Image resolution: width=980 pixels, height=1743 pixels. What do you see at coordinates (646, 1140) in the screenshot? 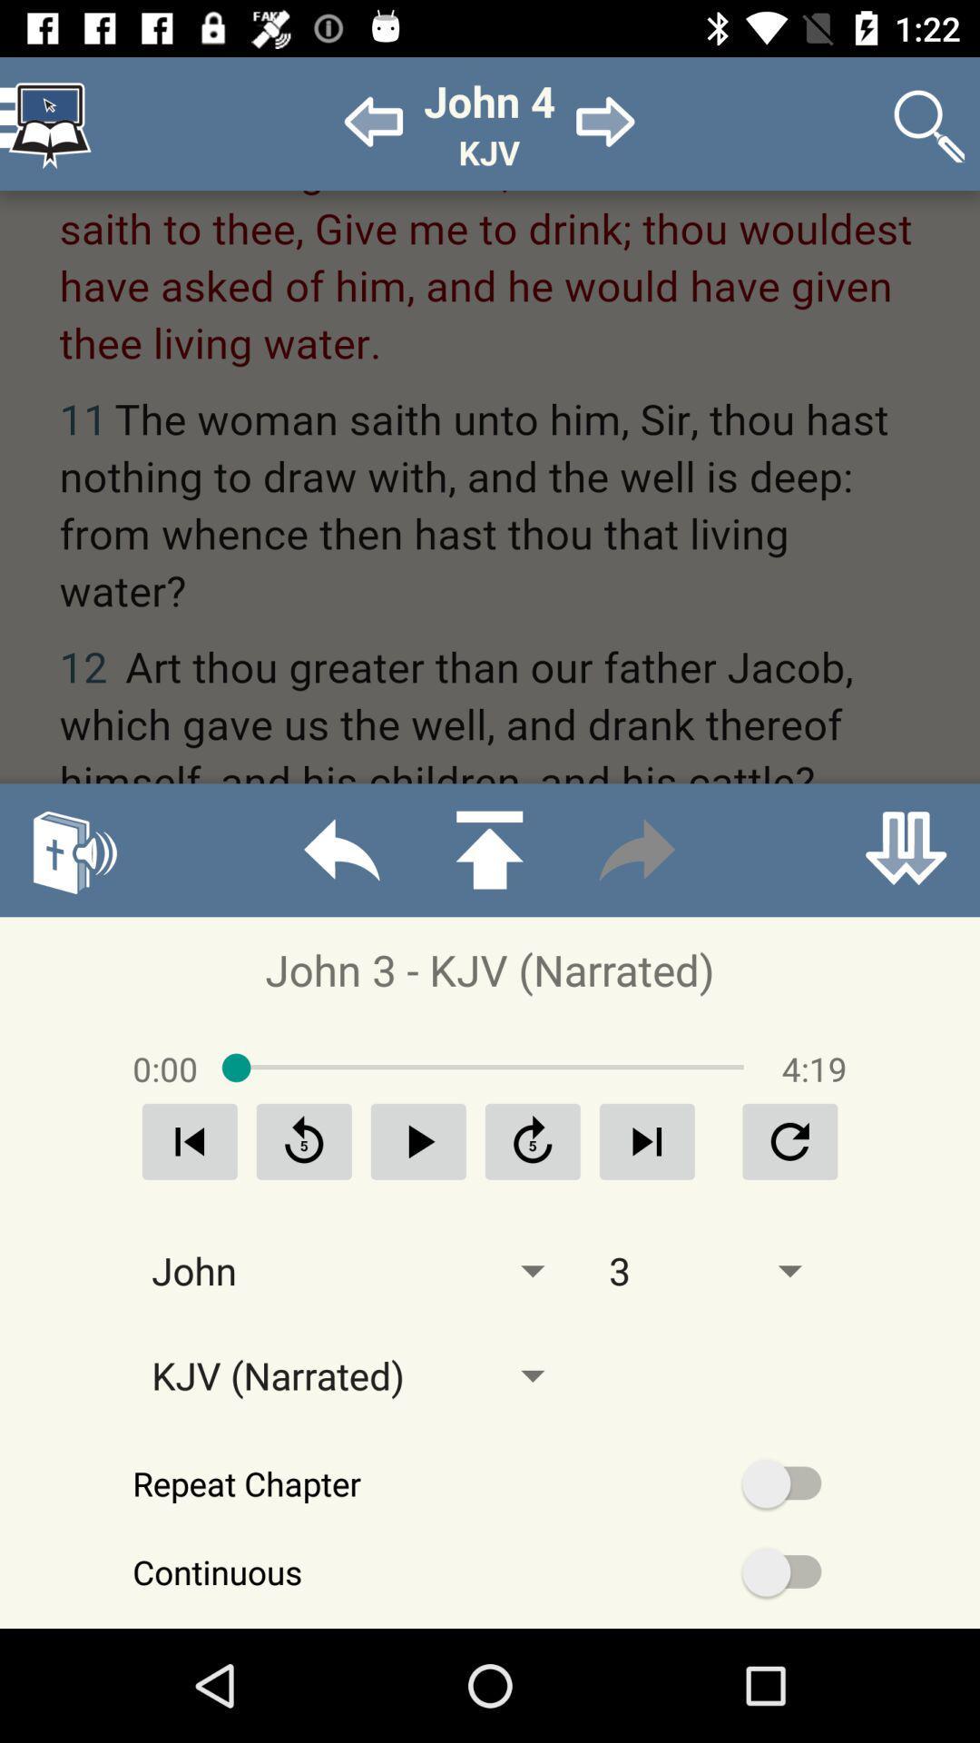
I see `next audio` at bounding box center [646, 1140].